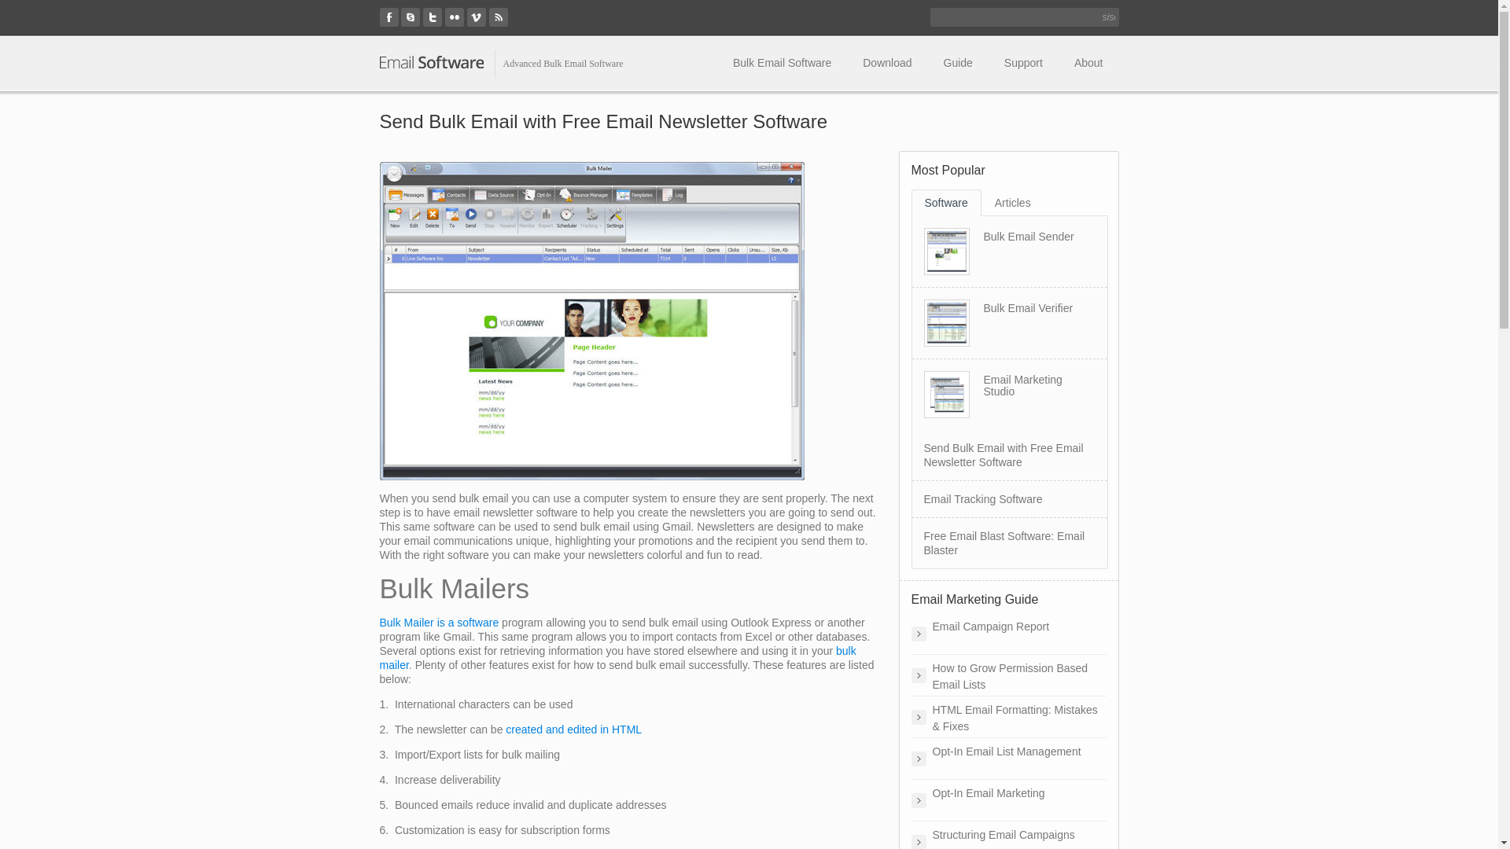 This screenshot has width=1510, height=849. Describe the element at coordinates (475, 17) in the screenshot. I see `'Vimeo'` at that location.